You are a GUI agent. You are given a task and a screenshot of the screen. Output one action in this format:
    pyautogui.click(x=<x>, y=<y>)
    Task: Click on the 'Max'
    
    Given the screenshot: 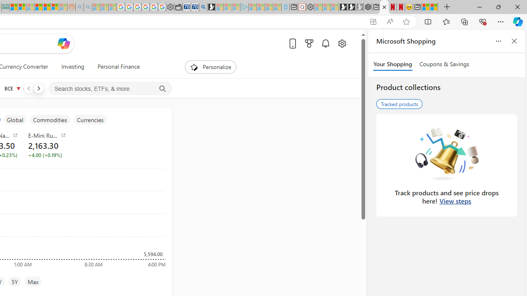 What is the action you would take?
    pyautogui.click(x=33, y=281)
    